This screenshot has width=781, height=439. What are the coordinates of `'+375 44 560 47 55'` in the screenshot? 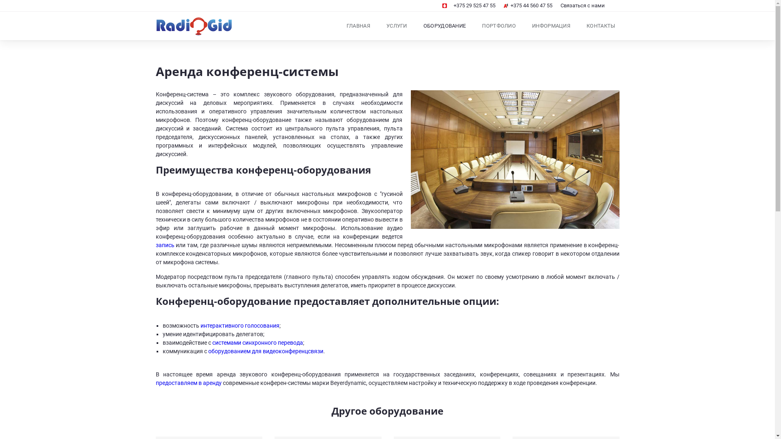 It's located at (528, 5).